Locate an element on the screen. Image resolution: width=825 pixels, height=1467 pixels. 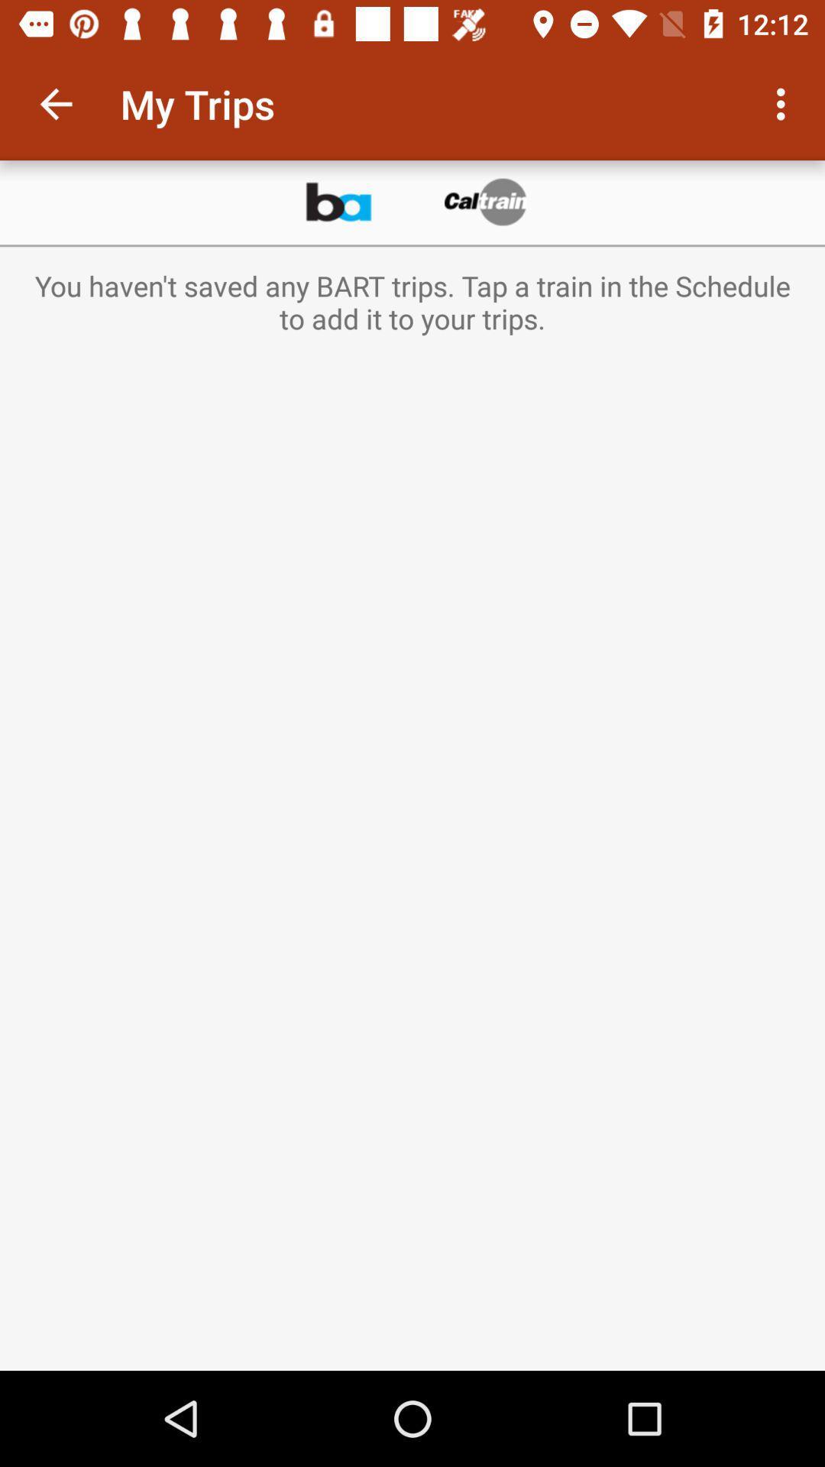
the item to the left of my trips item is located at coordinates (55, 103).